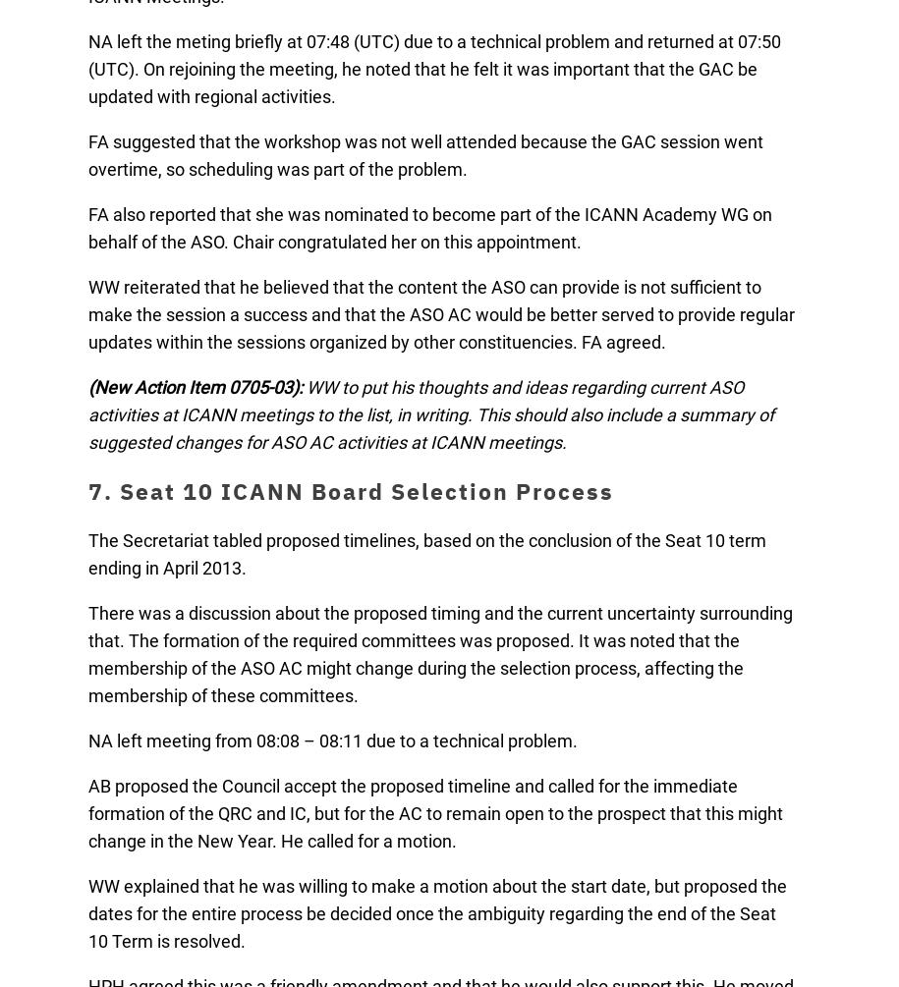 The image size is (899, 987). I want to click on 'FA also reported that she was nominated to become part of the ICANN Academy WG on behalf of the ASO. Chair congratulated her on this appointment.', so click(430, 227).